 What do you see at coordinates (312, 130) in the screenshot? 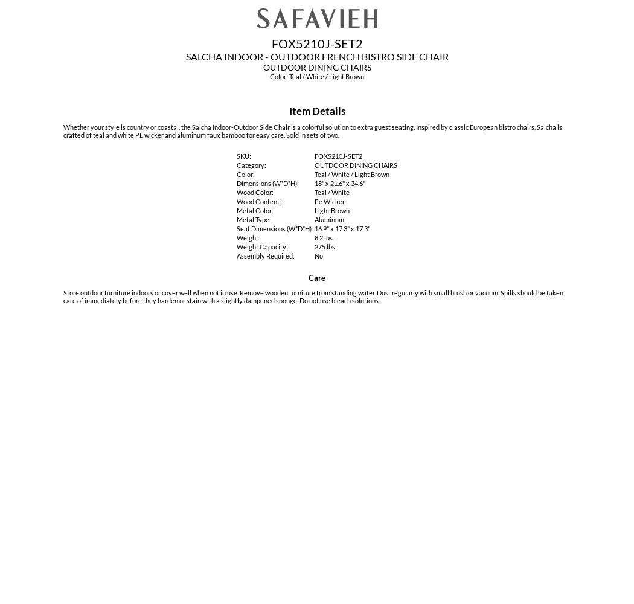
I see `'Whether your style is country or coastal, the Salcha Indoor-Outdoor Side Chair is a colorful solution to extra guest seating. Inspired by classic European bistro chairs, Salcha is crafted of teal and white PE wicker and aluminum faux bamboo for easy care. Sold in sets of two.'` at bounding box center [312, 130].